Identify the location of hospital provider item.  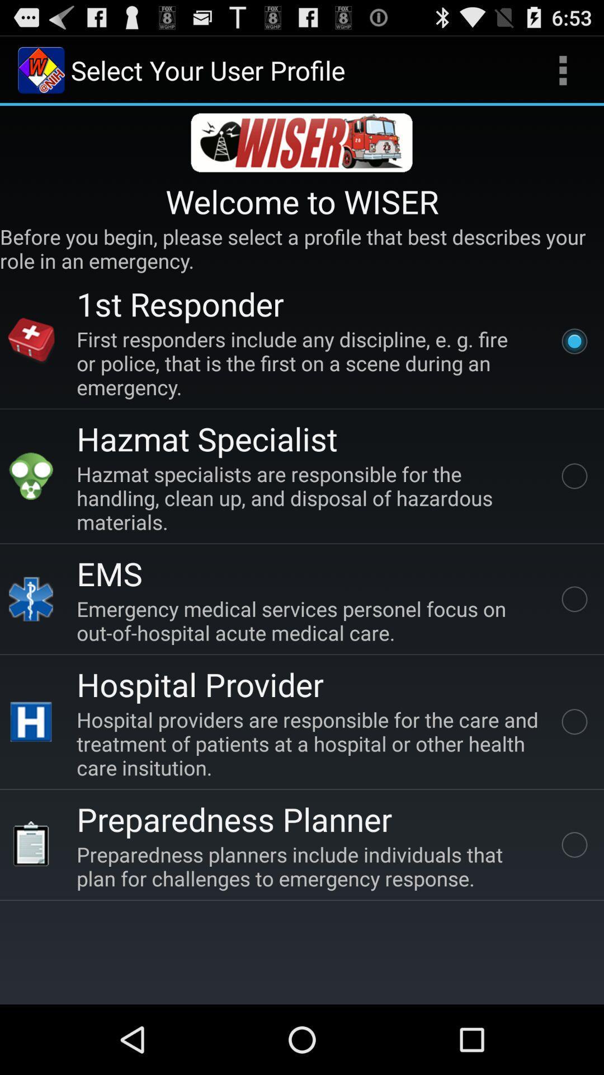
(200, 684).